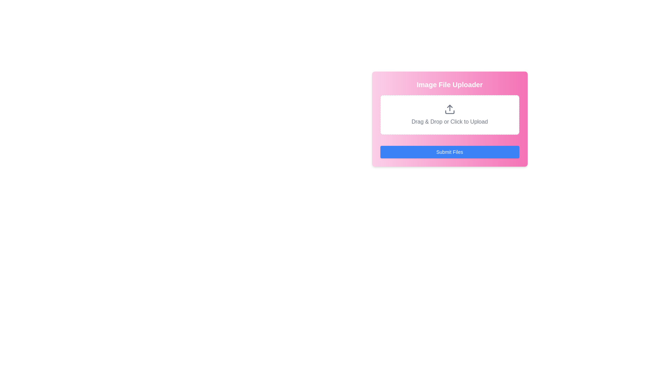 The image size is (667, 375). I want to click on text content of the label stating 'Drag & Drop or Click to Upload' which is located centrally within the dashed border box of the file upload component, so click(450, 122).